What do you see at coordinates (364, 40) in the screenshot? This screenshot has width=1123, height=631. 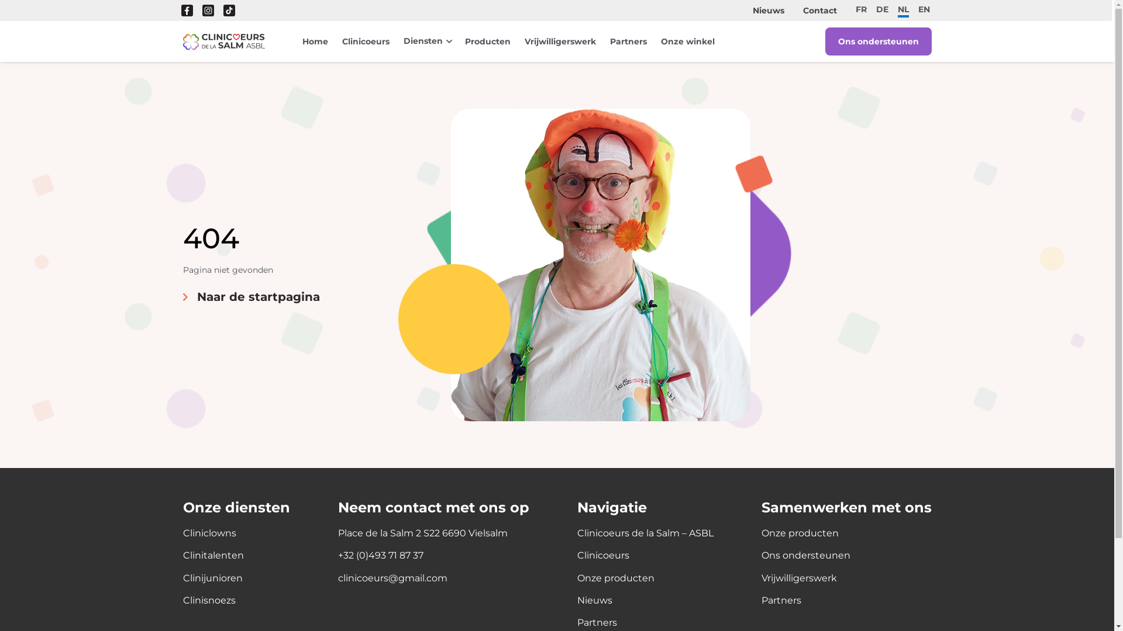 I see `'Clinicoeurs'` at bounding box center [364, 40].